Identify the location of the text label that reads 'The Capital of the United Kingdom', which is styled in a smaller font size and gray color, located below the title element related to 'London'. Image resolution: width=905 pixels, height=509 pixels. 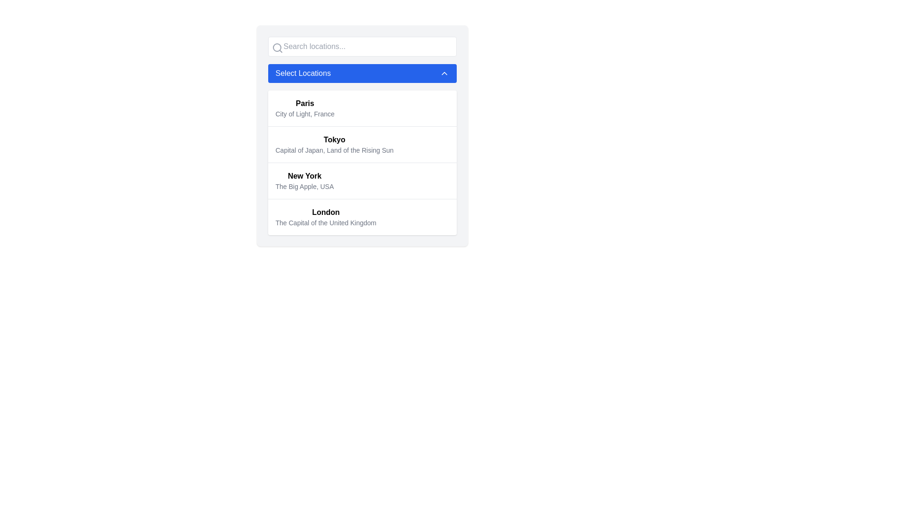
(326, 223).